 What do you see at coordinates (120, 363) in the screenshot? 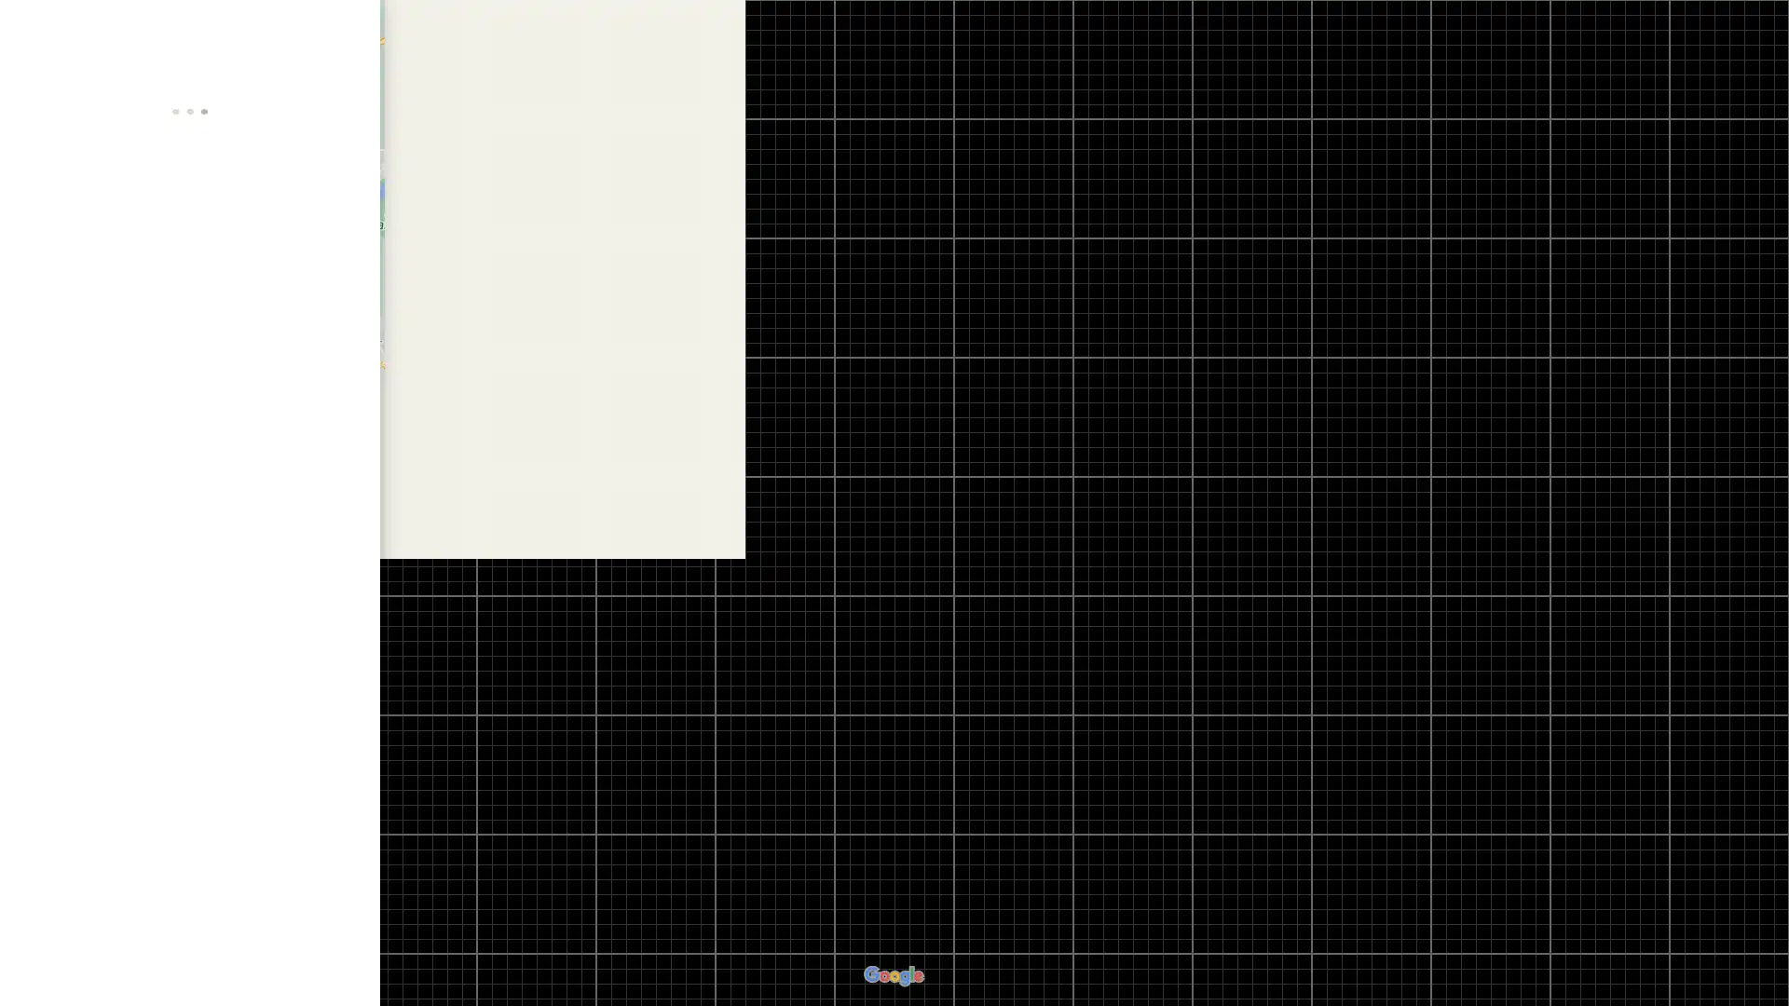
I see `Save TOVARNA.CZ, s.r.o. in your lists` at bounding box center [120, 363].